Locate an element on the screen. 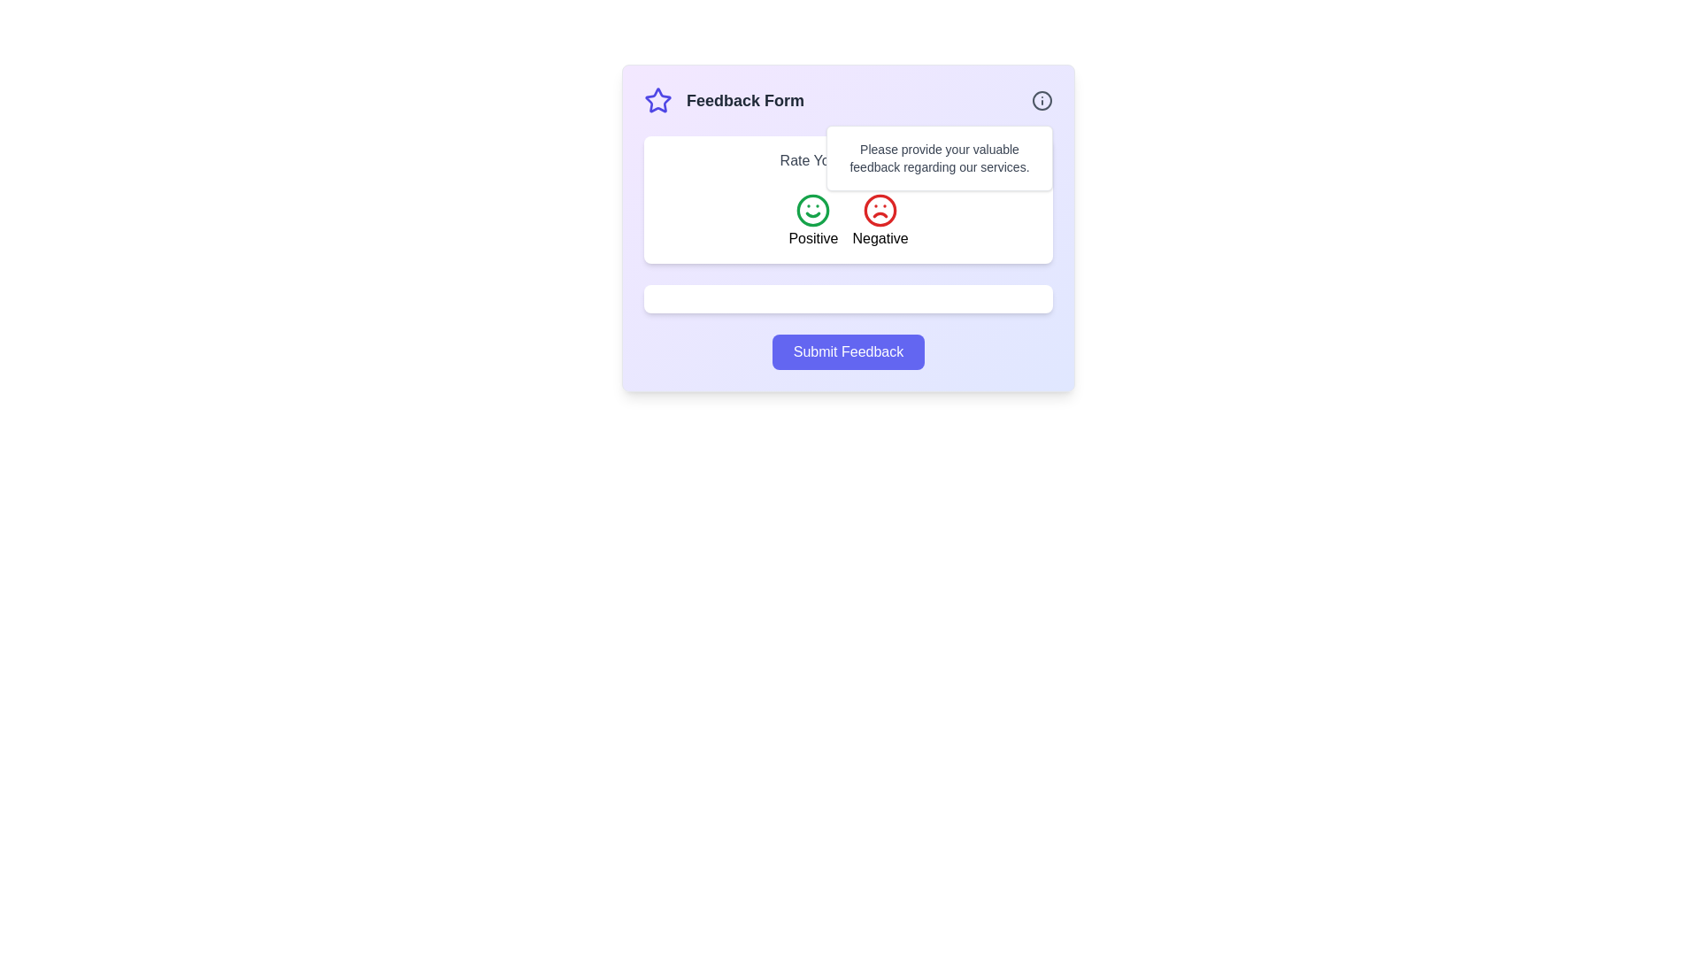 The image size is (1699, 956). the positive smiley face icon with a green outline located under the 'Rate Your Feedback' heading to trigger visual feedback or tooltip information is located at coordinates (812, 210).